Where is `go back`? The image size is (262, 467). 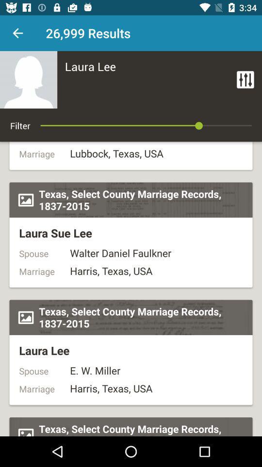 go back is located at coordinates (17, 33).